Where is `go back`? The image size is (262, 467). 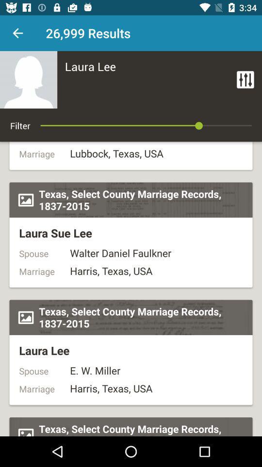 go back is located at coordinates (17, 33).